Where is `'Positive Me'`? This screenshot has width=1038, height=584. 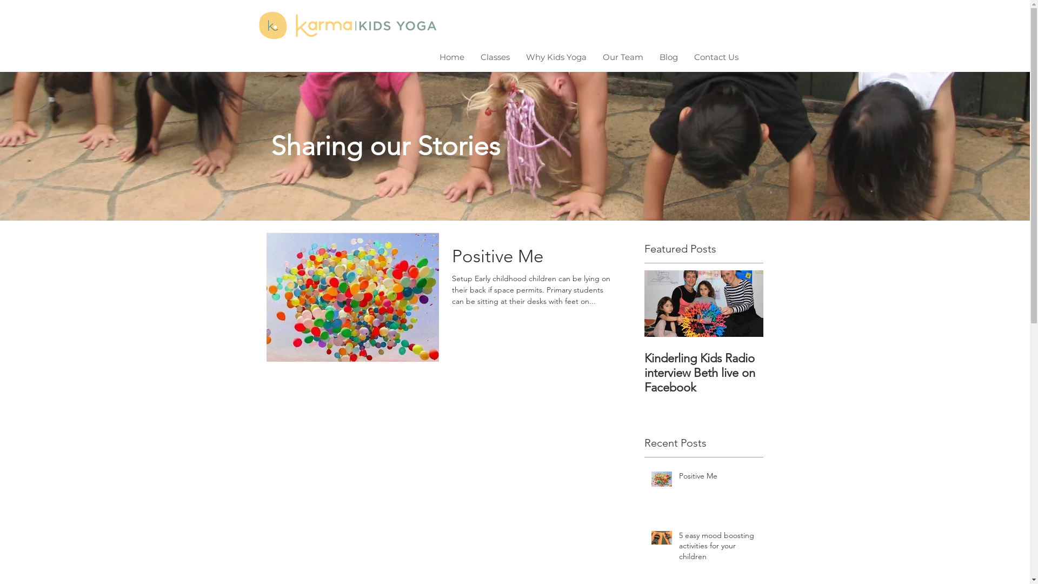
'Positive Me' is located at coordinates (534, 259).